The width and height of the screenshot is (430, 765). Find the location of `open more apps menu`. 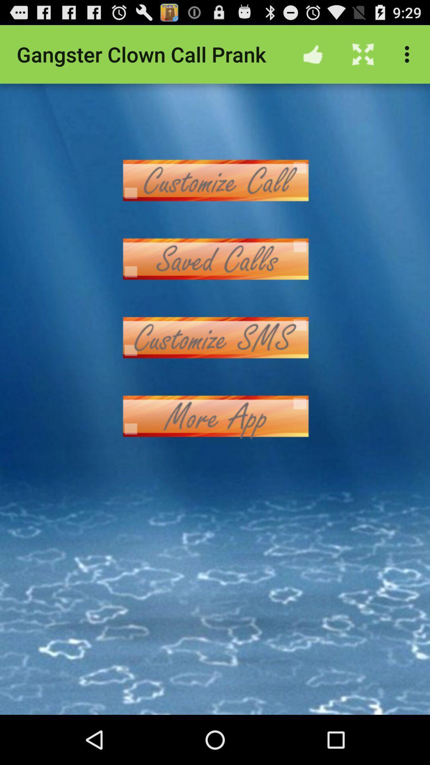

open more apps menu is located at coordinates (215, 416).